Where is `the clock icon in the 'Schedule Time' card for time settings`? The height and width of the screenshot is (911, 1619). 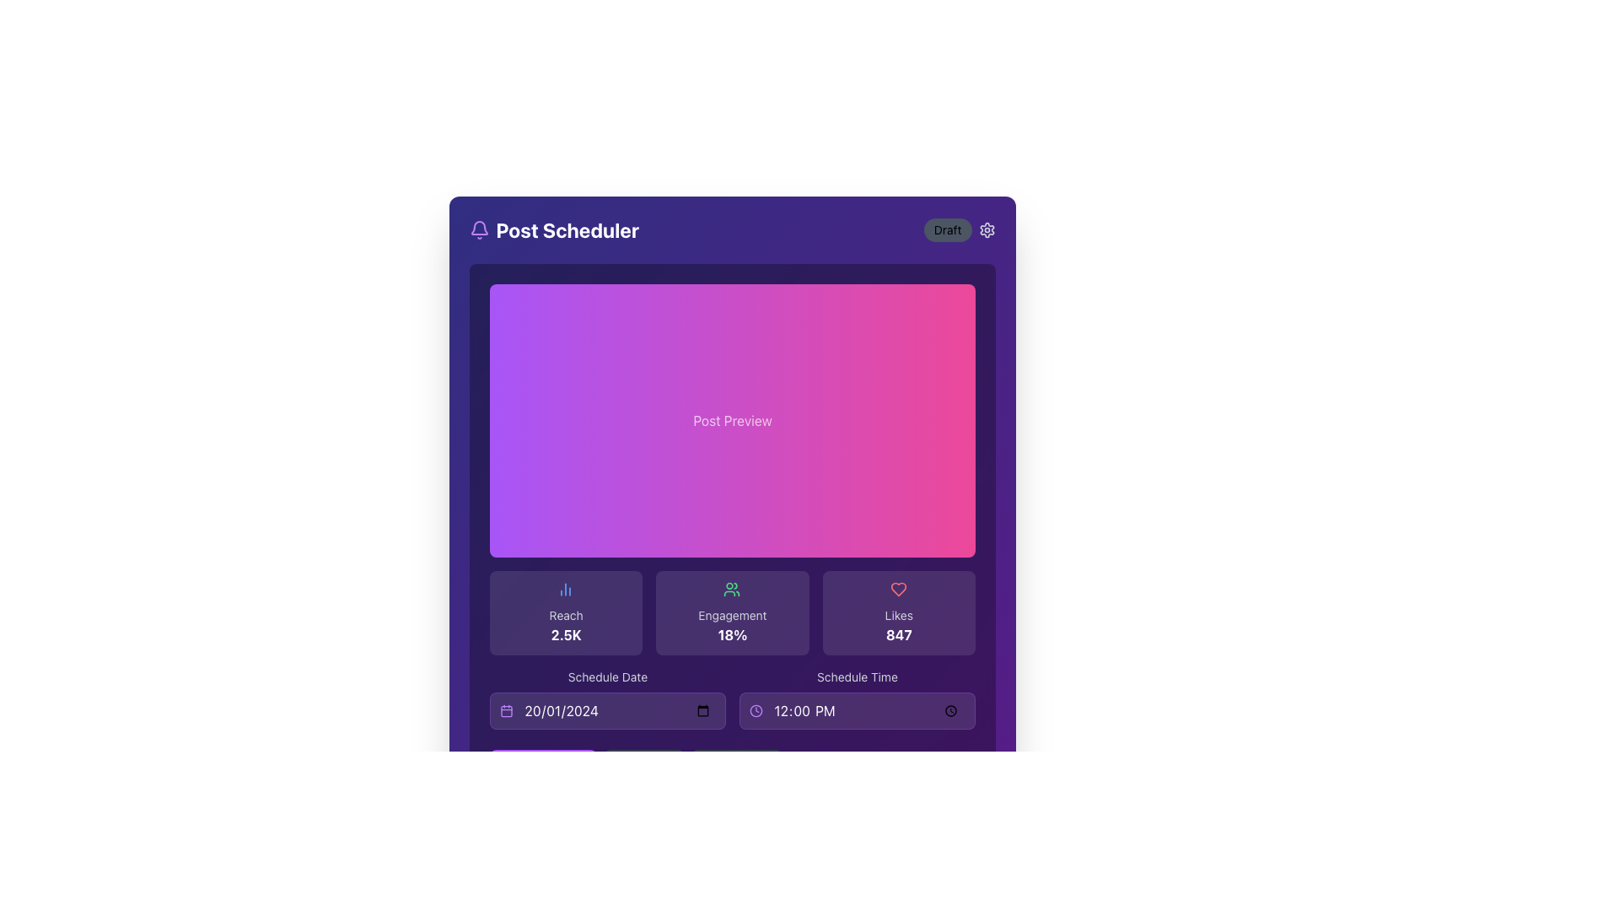
the clock icon in the 'Schedule Time' card for time settings is located at coordinates (732, 699).